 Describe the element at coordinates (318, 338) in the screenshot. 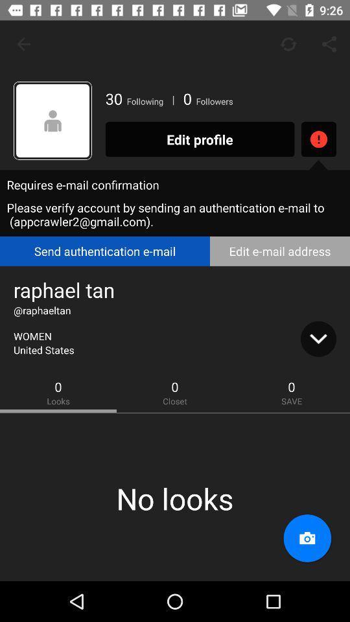

I see `icon below edit e mail` at that location.